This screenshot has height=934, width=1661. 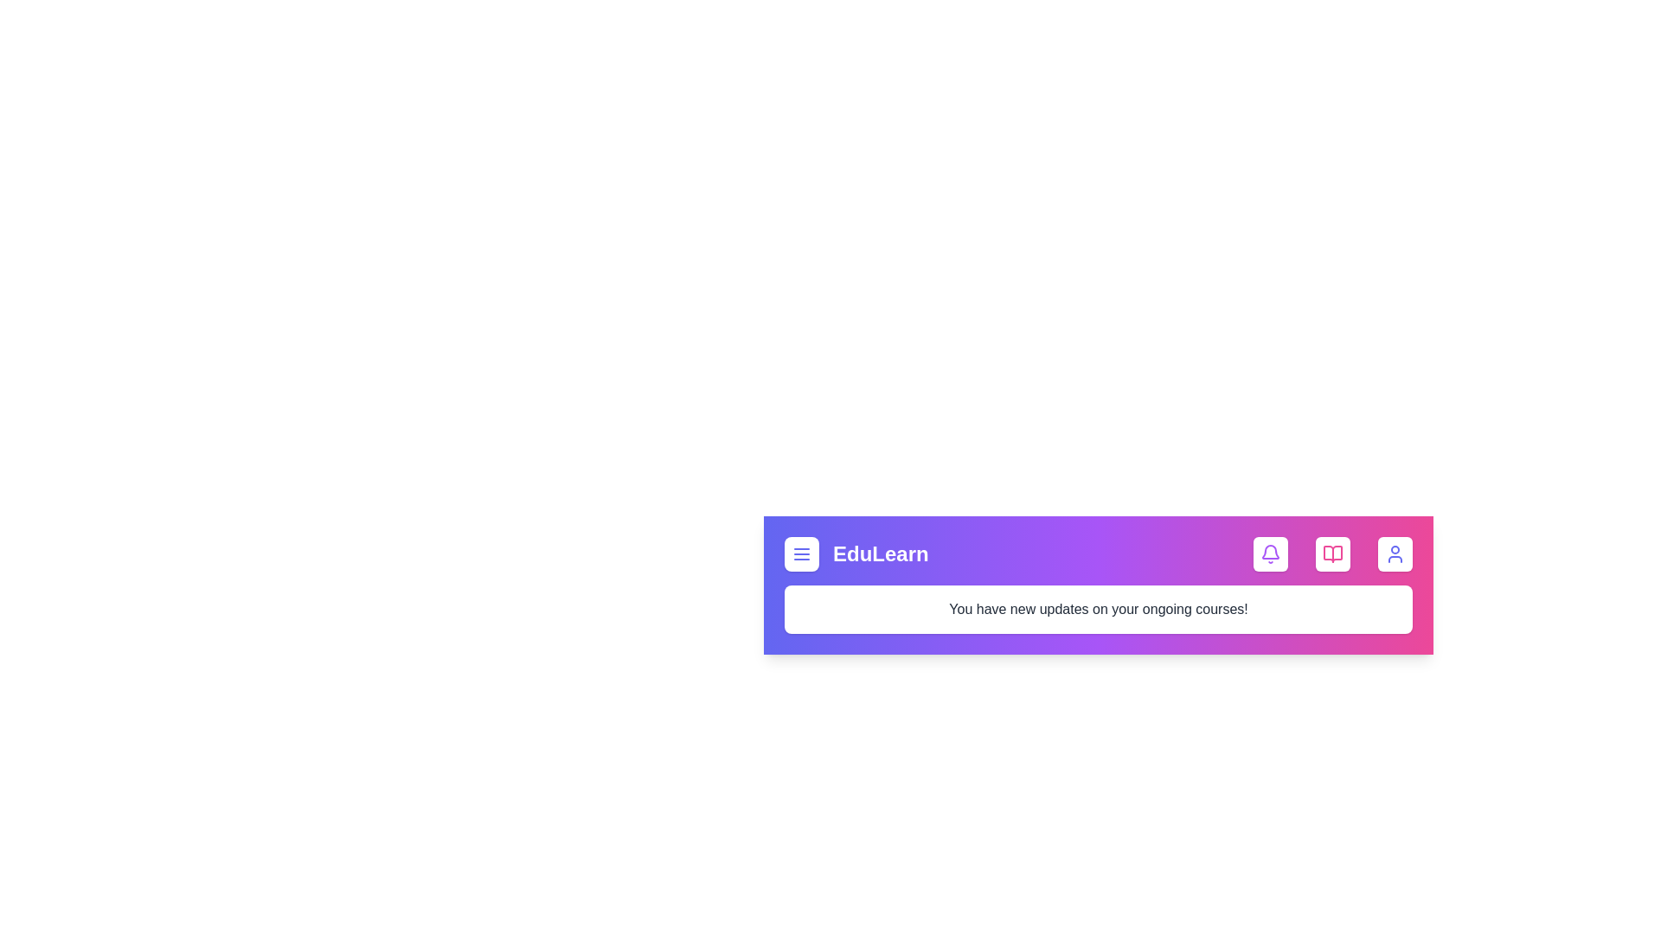 What do you see at coordinates (1331, 553) in the screenshot?
I see `the book icon to access educational content` at bounding box center [1331, 553].